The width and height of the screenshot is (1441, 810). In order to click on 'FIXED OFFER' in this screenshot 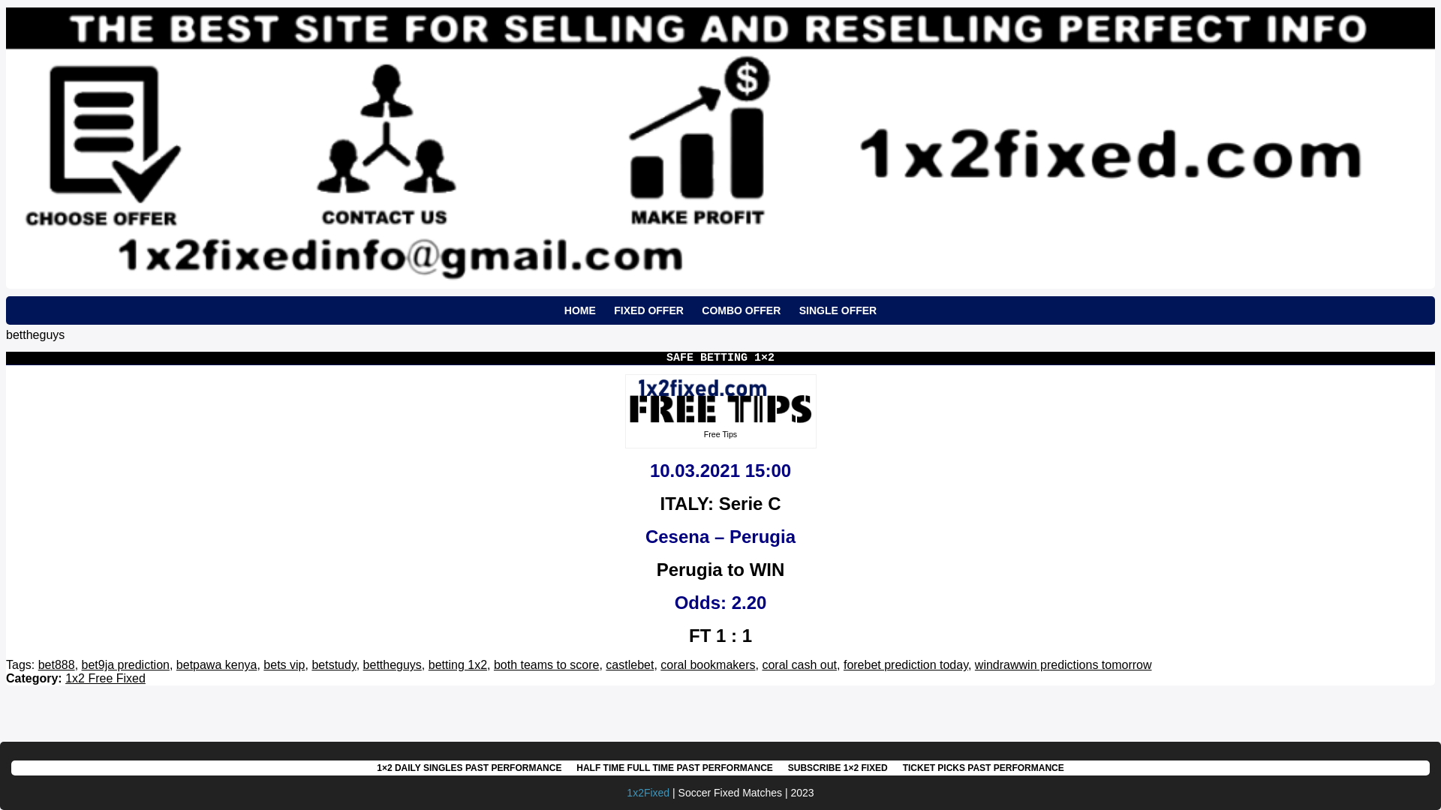, I will do `click(606, 309)`.